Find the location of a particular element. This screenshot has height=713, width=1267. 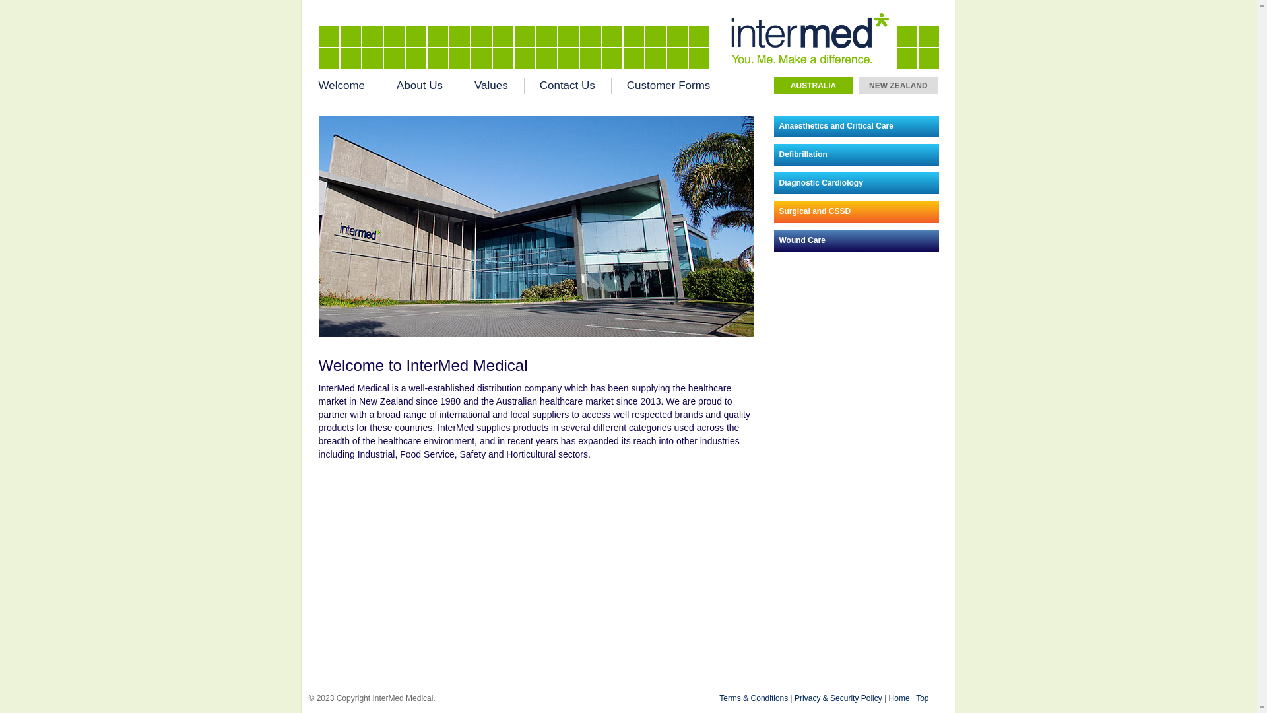

'Wound Care' is located at coordinates (855, 240).